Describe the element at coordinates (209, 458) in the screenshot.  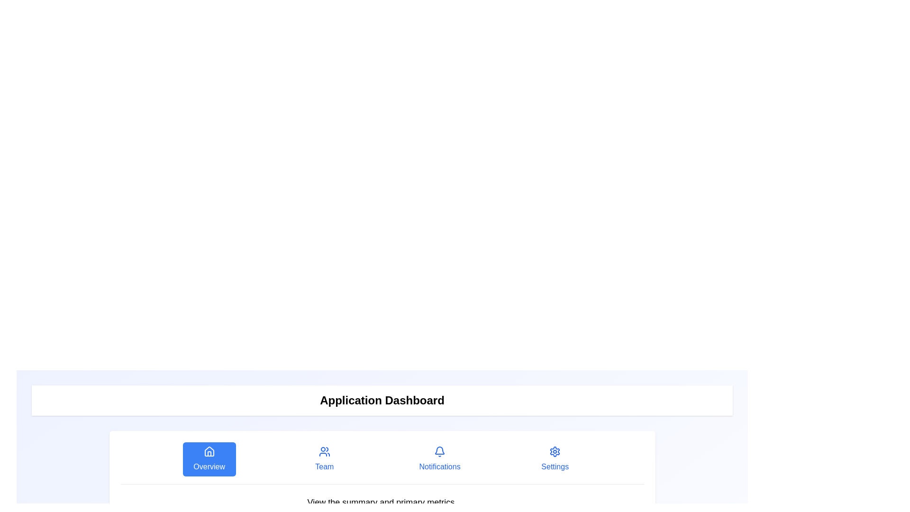
I see `the 'Overview' button` at that location.